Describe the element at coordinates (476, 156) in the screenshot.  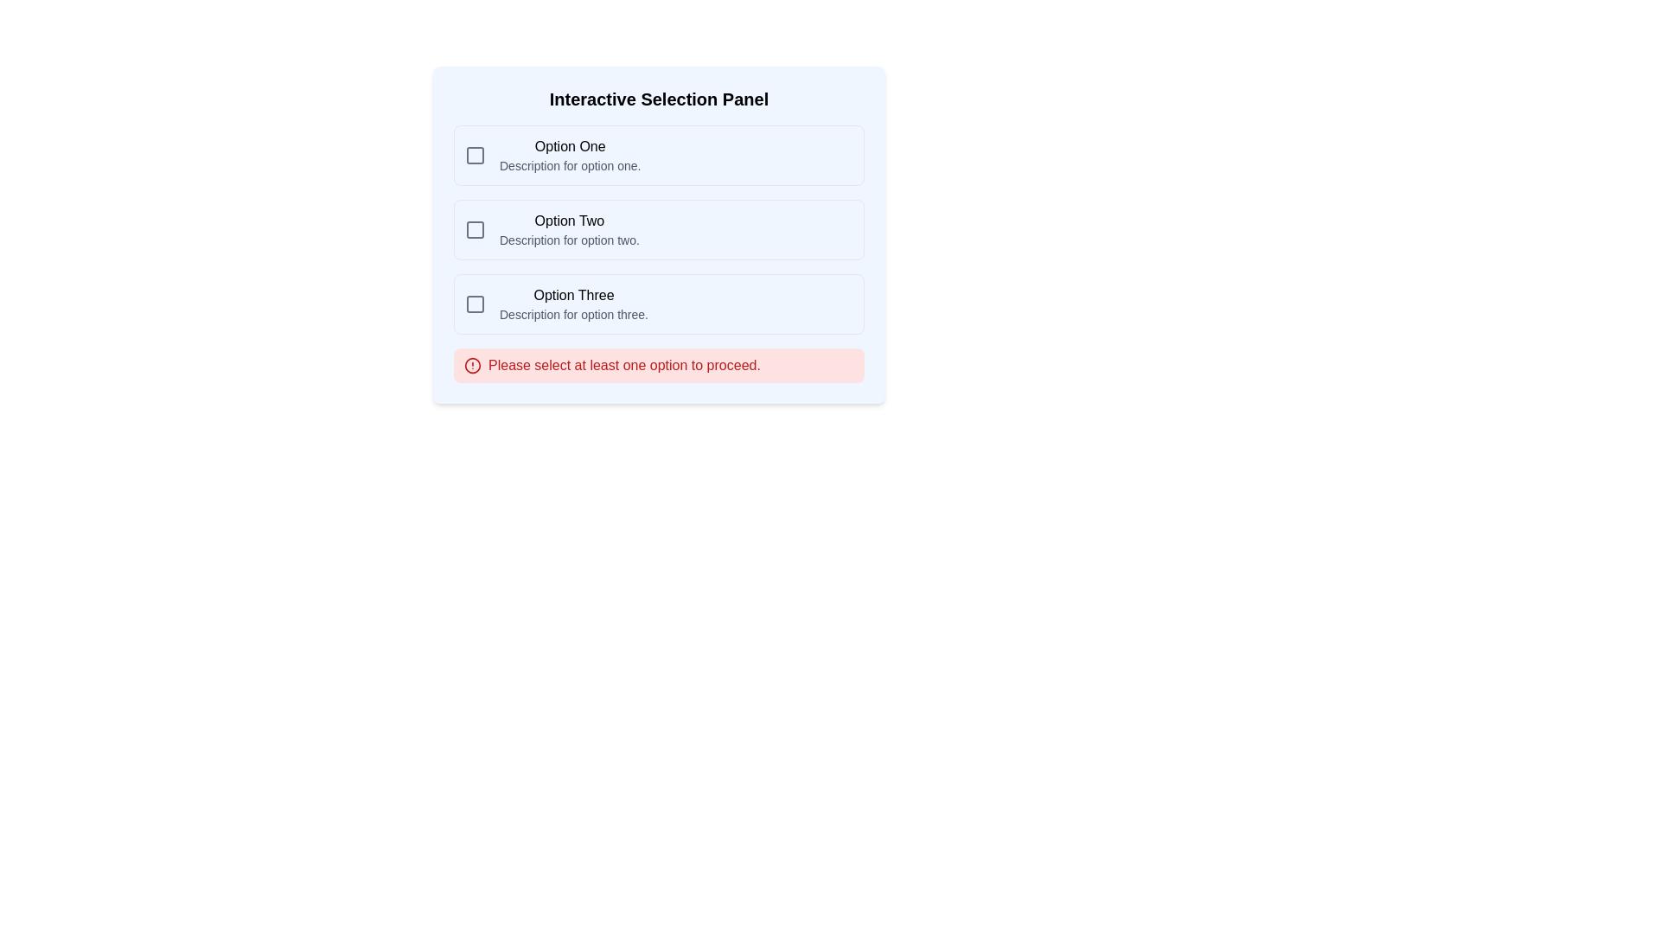
I see `the Checkbox-style button for 'Option One'` at that location.